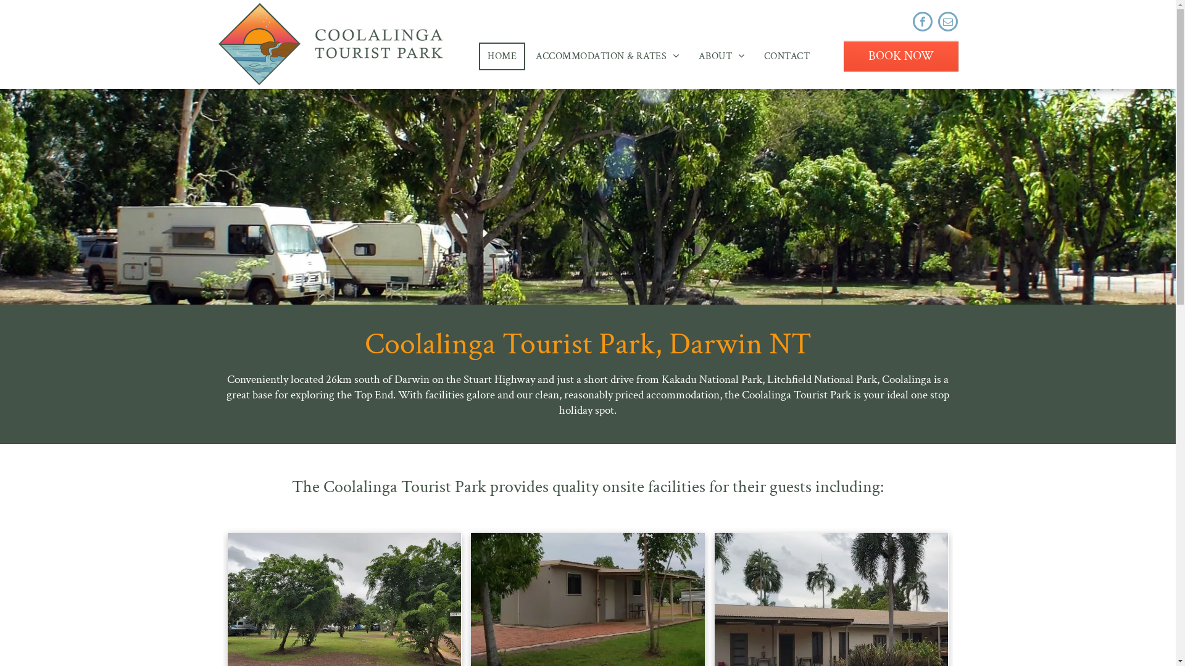 The height and width of the screenshot is (666, 1185). What do you see at coordinates (786, 55) in the screenshot?
I see `'CONTACT'` at bounding box center [786, 55].